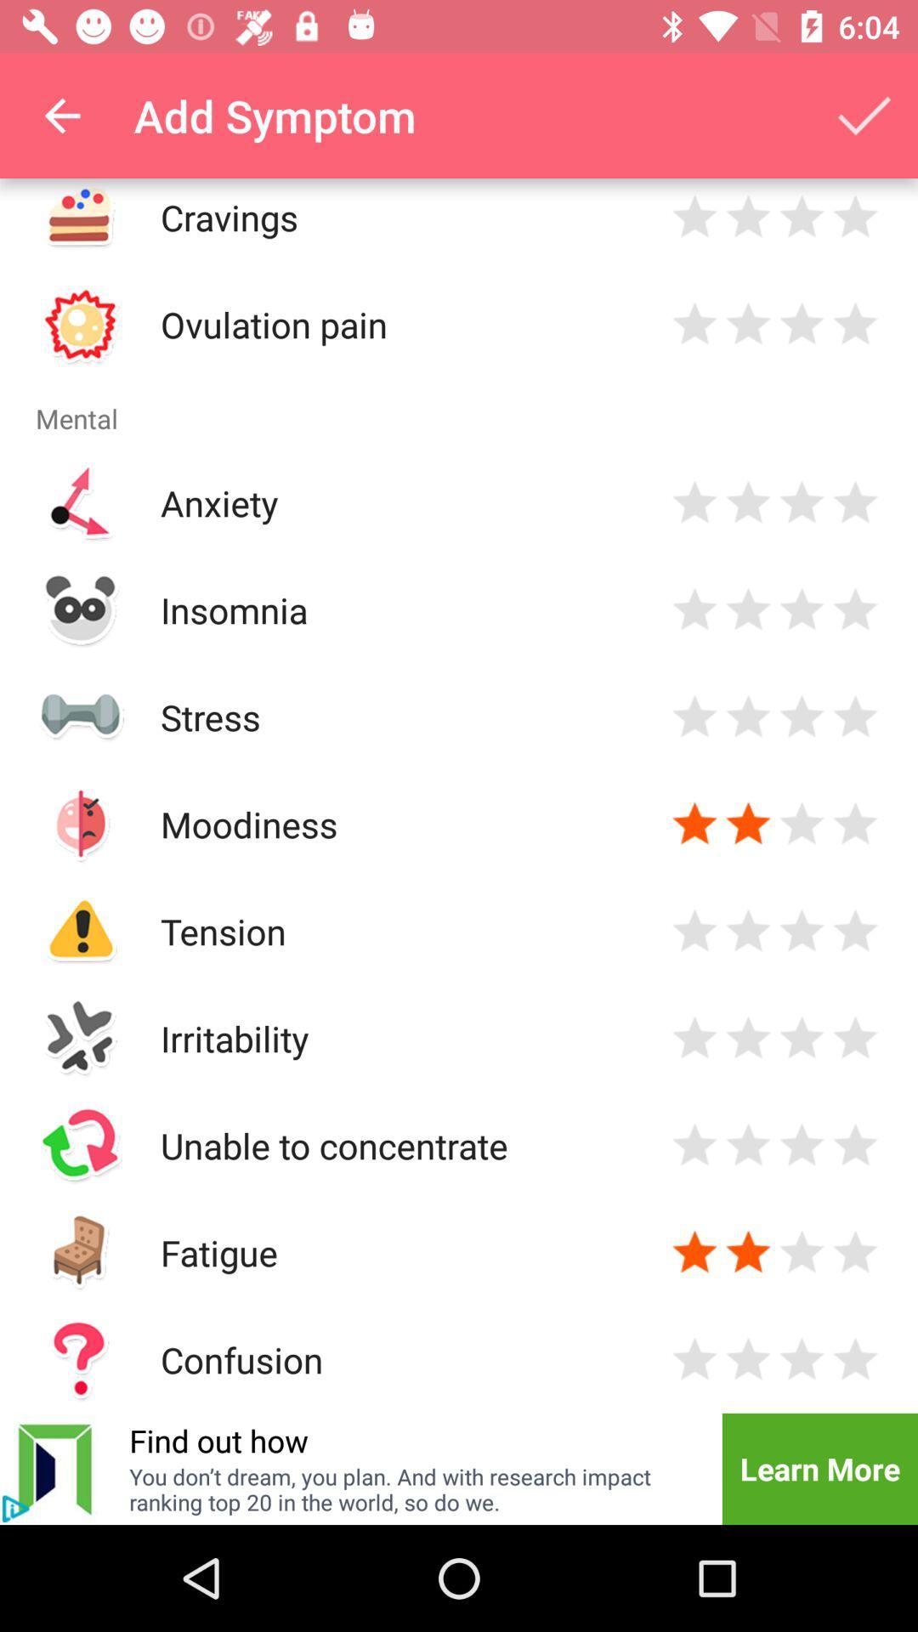  Describe the element at coordinates (802, 717) in the screenshot. I see `mark as three stars` at that location.